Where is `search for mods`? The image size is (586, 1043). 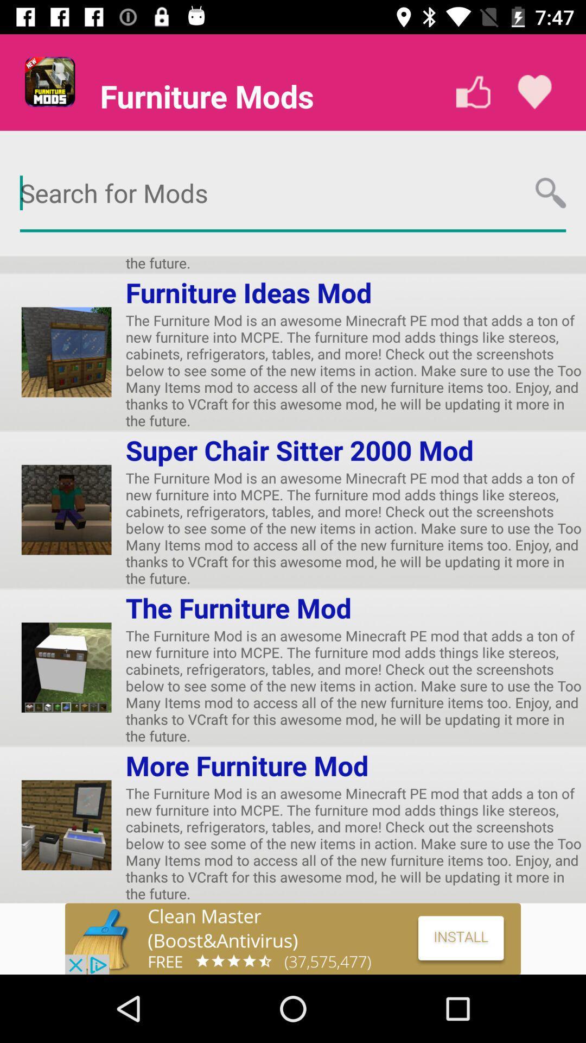
search for mods is located at coordinates (293, 193).